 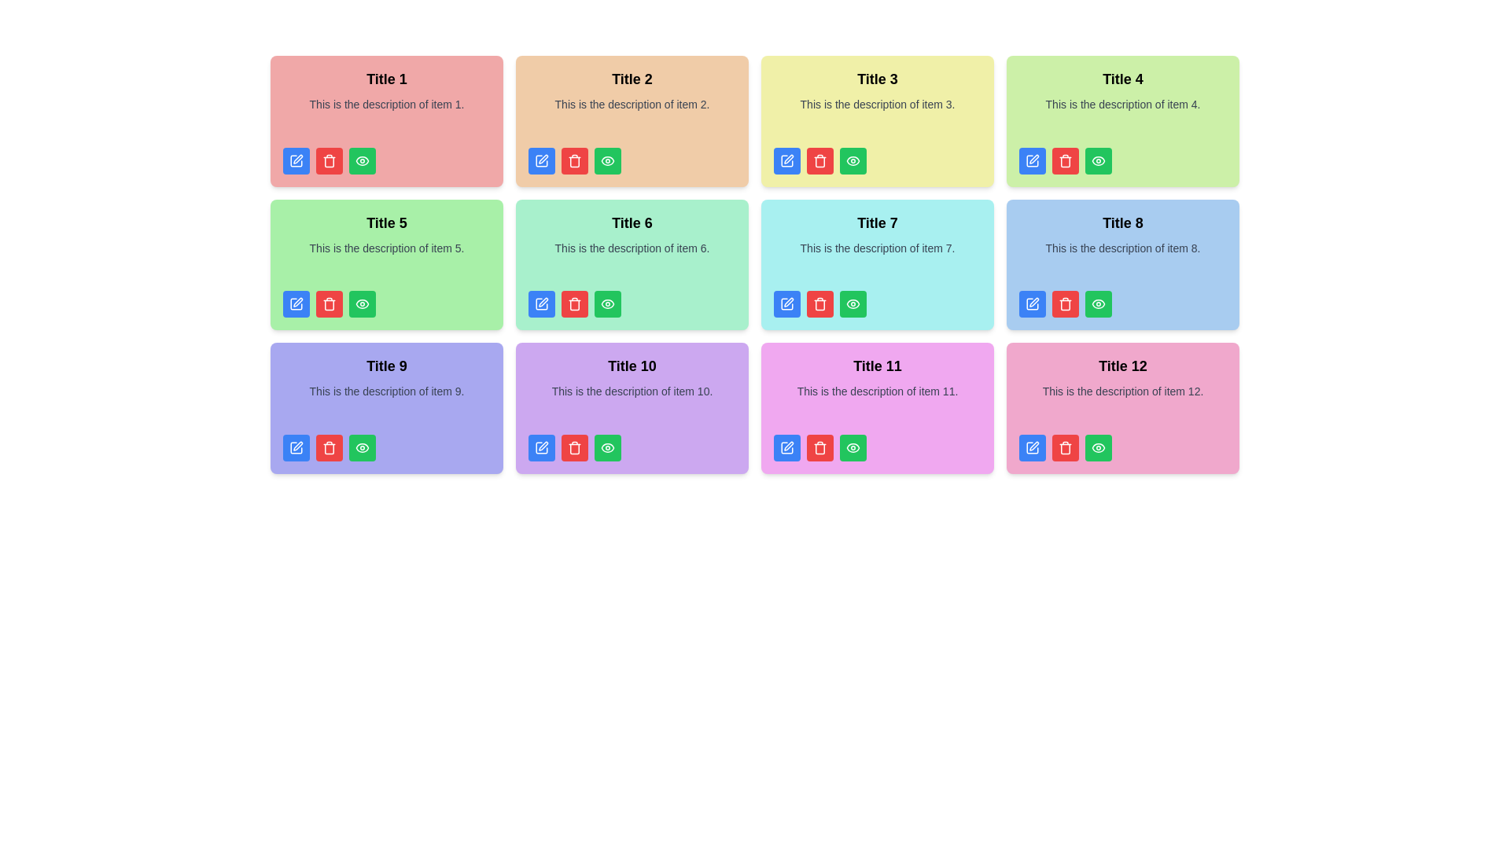 What do you see at coordinates (852, 160) in the screenshot?
I see `the third button aligned horizontally below 'Title 3'` at bounding box center [852, 160].